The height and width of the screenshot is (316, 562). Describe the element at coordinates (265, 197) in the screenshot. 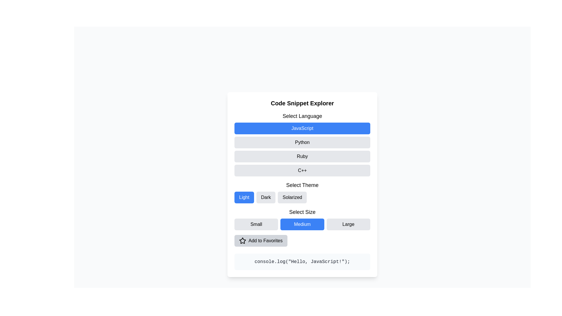

I see `the 'Dark' button, which is the second button in a horizontal set of three buttons under the 'Select Theme' section` at that location.